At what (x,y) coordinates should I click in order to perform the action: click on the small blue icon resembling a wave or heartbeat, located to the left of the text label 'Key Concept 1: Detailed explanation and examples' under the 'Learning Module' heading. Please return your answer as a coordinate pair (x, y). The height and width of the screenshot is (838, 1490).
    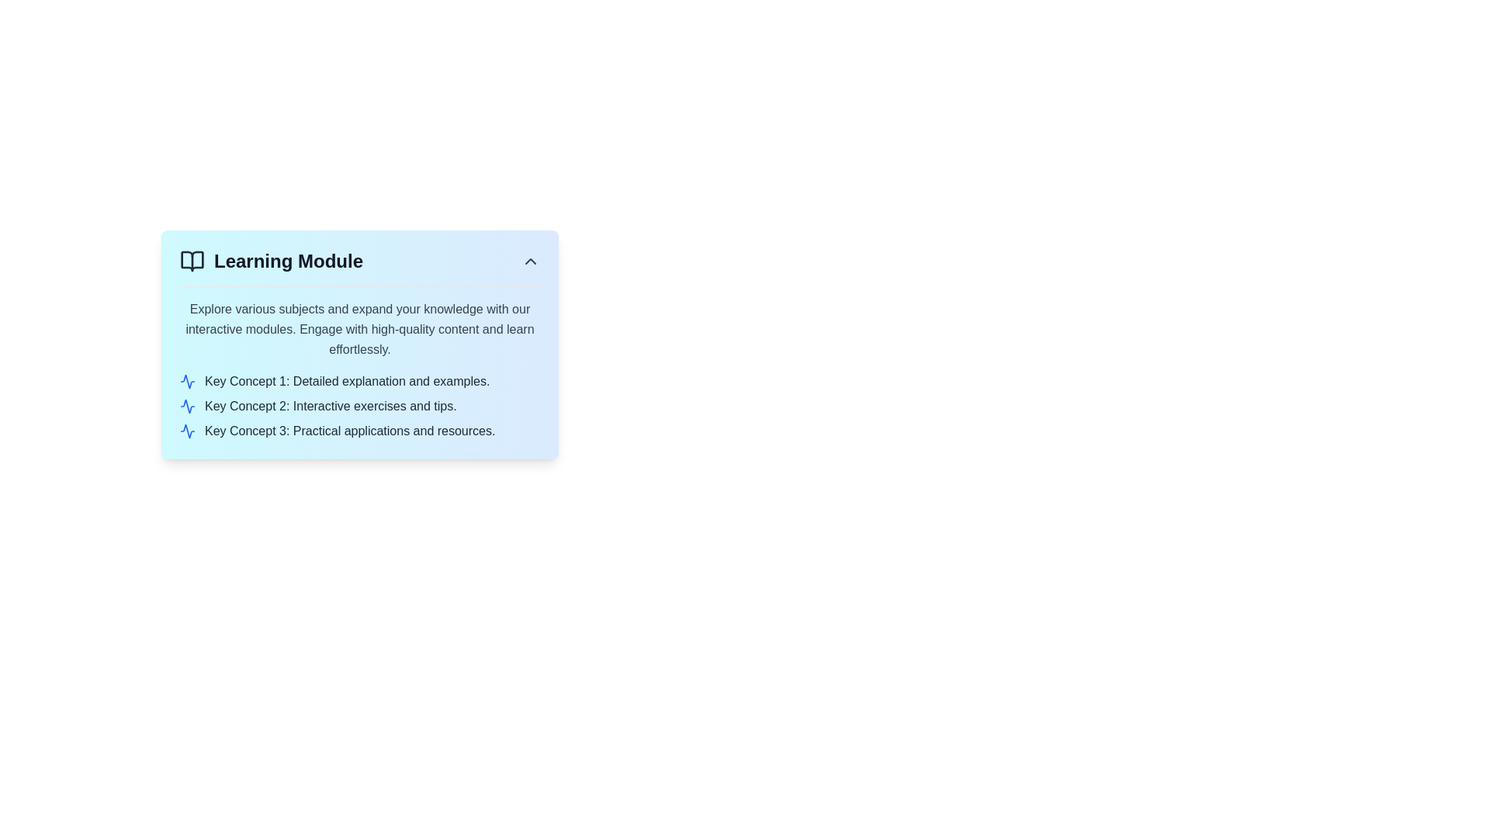
    Looking at the image, I should click on (186, 382).